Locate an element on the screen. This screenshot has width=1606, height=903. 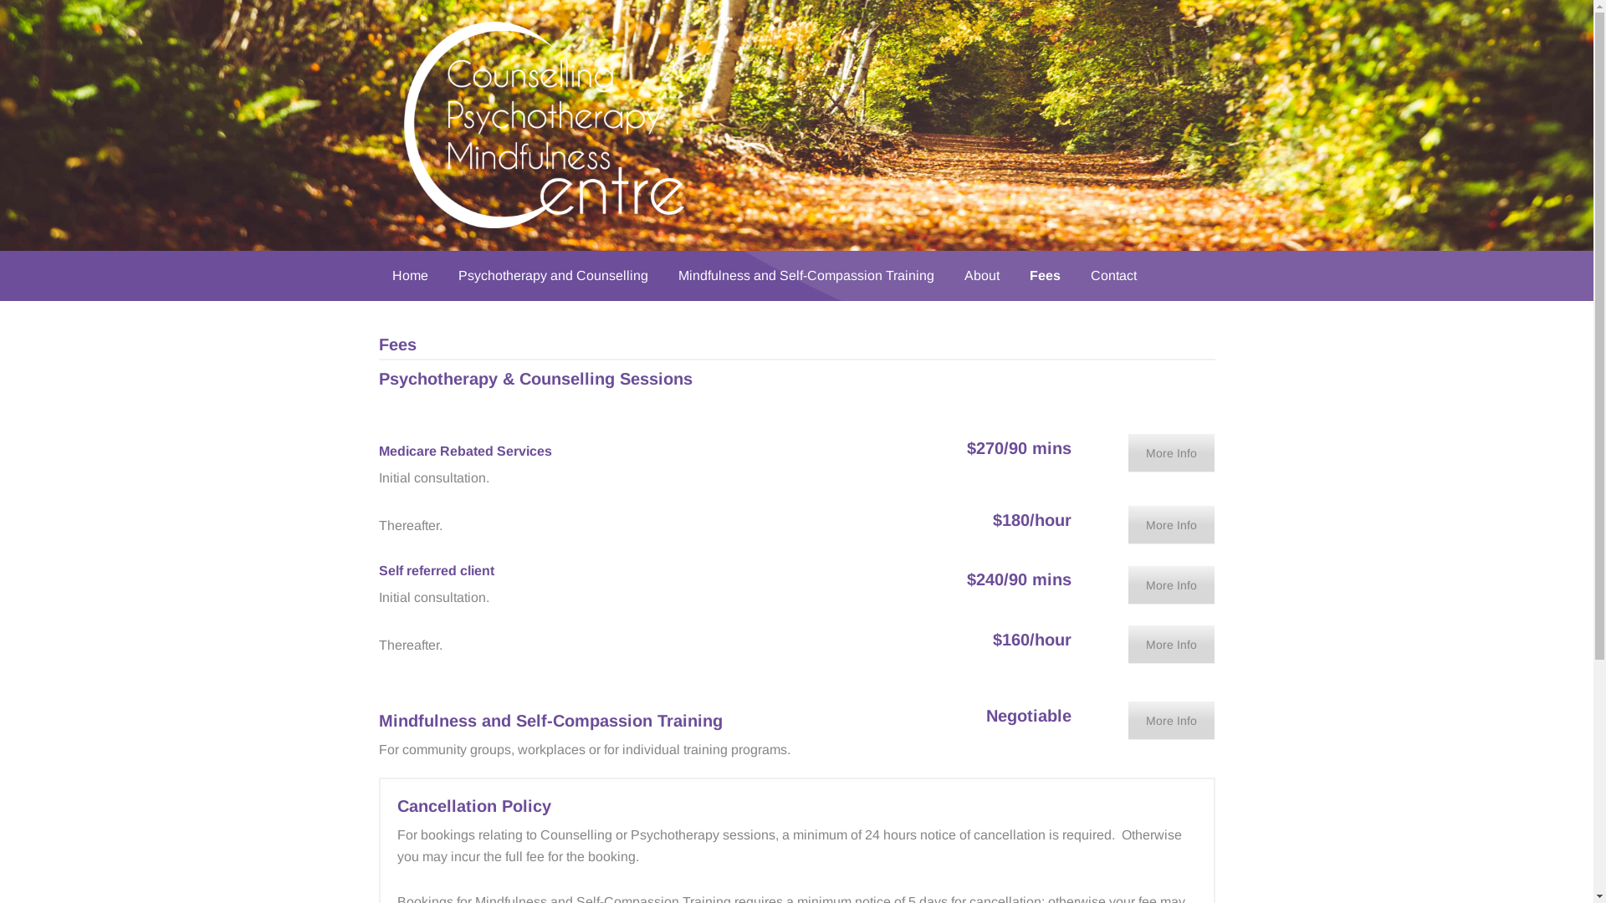
'Fees' is located at coordinates (1043, 275).